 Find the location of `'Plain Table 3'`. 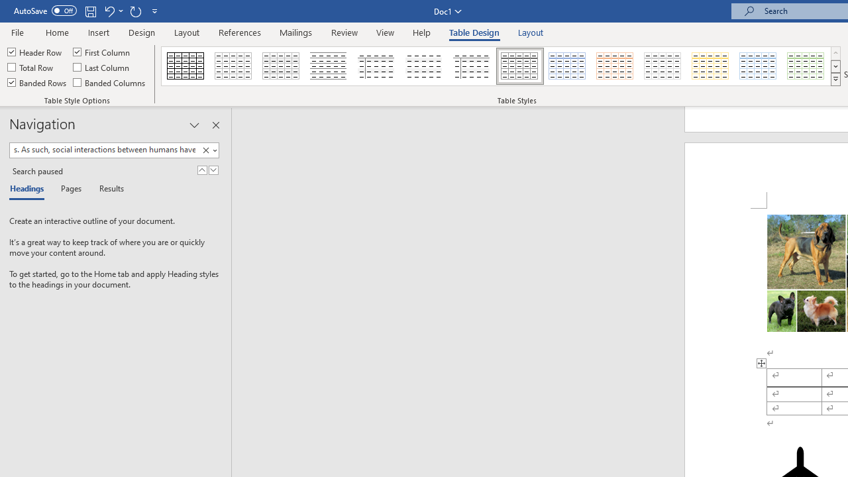

'Plain Table 3' is located at coordinates (376, 66).